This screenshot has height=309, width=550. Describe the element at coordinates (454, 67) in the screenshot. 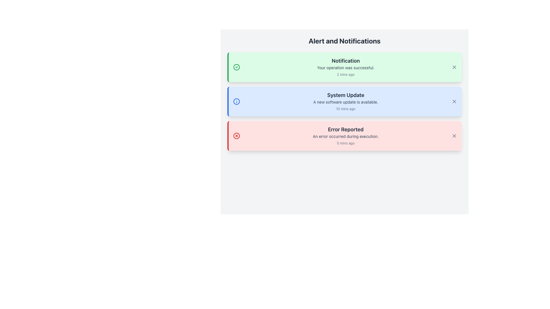

I see `the dismiss button located at the far-right edge of the green notification card` at that location.